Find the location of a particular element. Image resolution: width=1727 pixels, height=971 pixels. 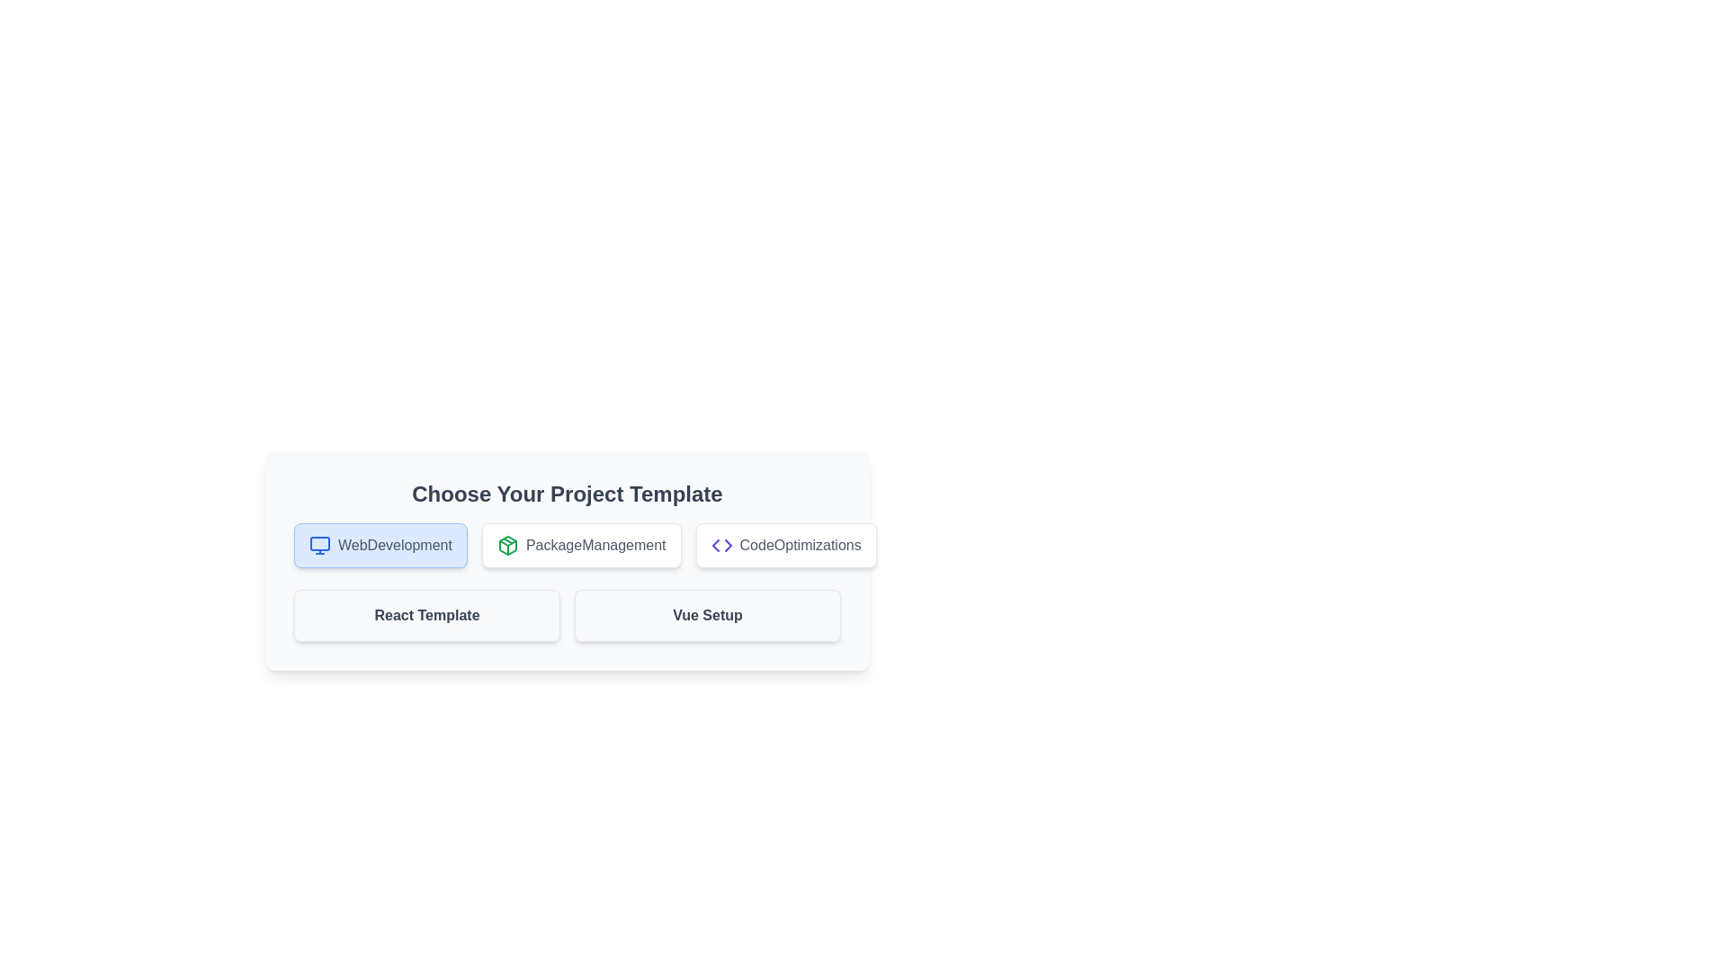

the 'PackageManagement' button, which is the second button in the row under 'Choose Your Project Template' is located at coordinates (566, 544).